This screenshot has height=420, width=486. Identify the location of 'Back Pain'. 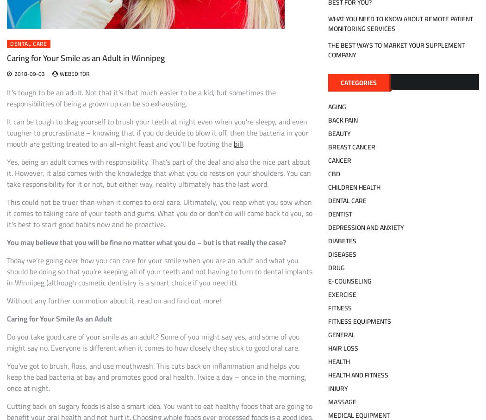
(342, 119).